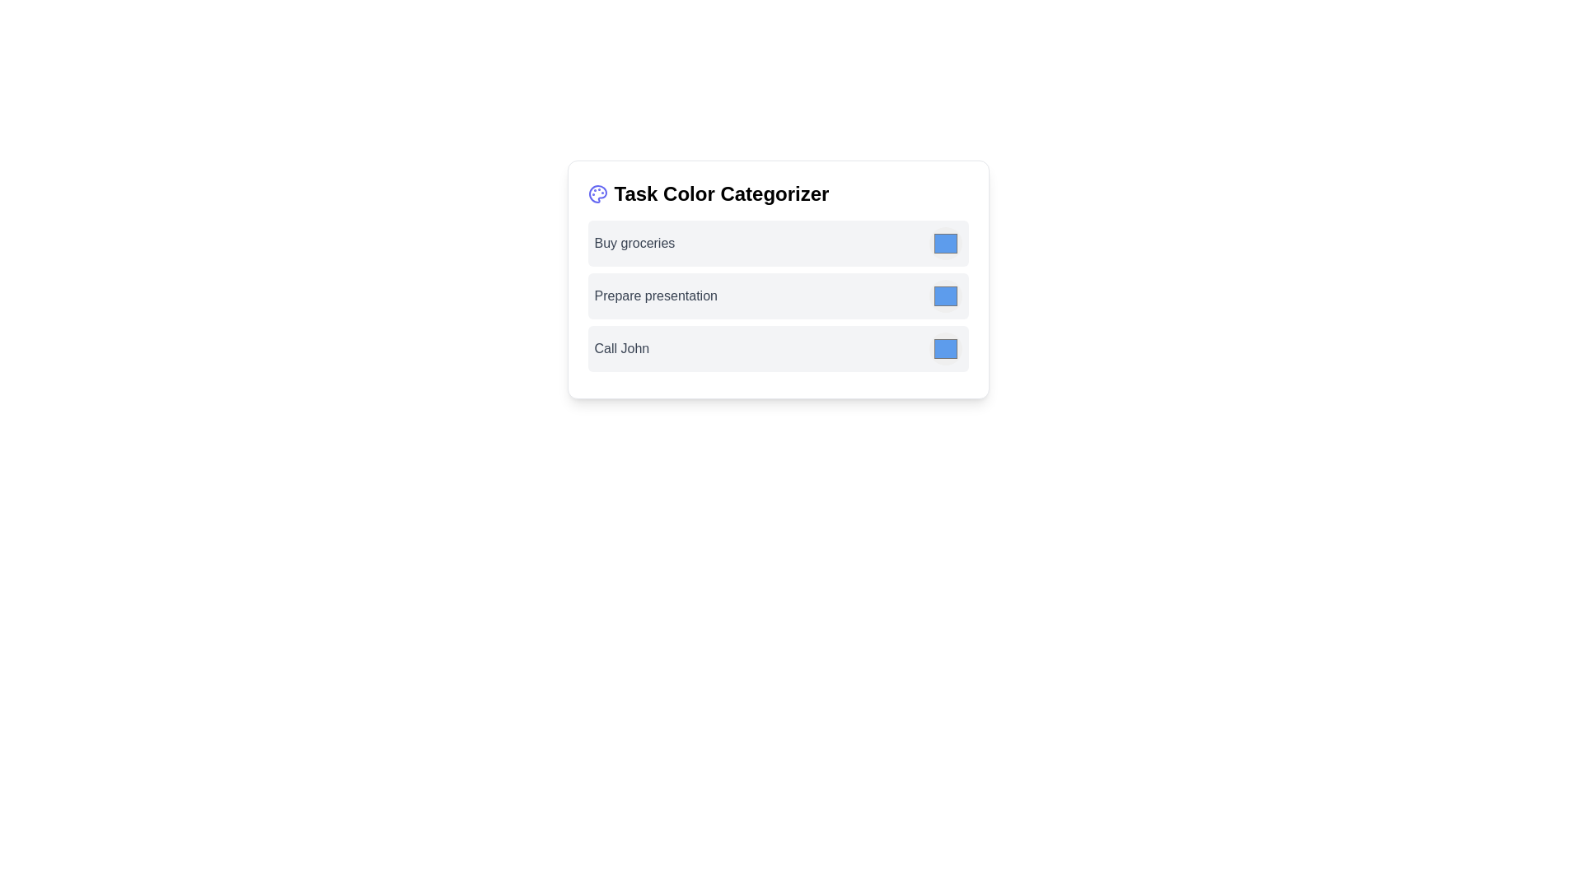 The width and height of the screenshot is (1582, 889). Describe the element at coordinates (634, 244) in the screenshot. I see `the static text element that serves as the title or description of a task item, located near the top of the panel's content area, to the left of a circular color indicator` at that location.